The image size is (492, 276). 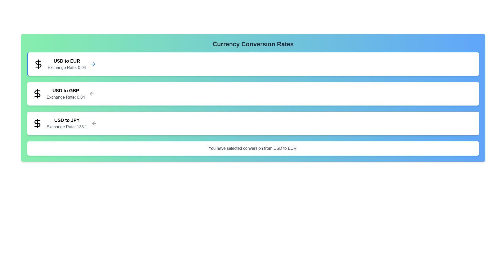 I want to click on the text label displaying 'USD to EUR', which is a bold, large font title positioned at the top of the currency exchange list, so click(x=66, y=61).